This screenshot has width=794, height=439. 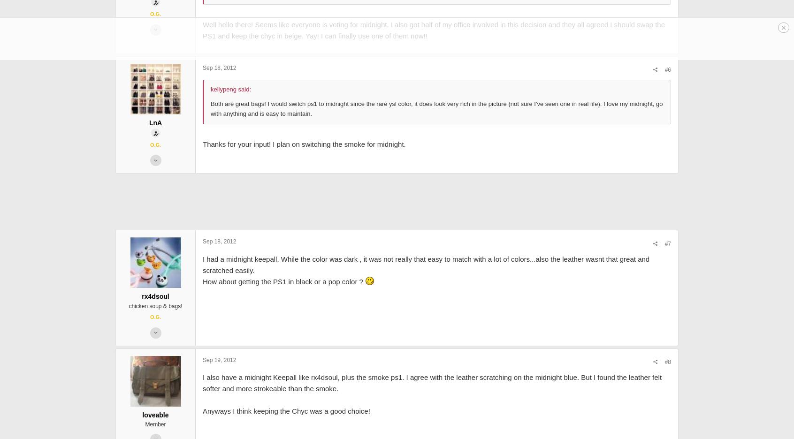 I want to click on '#7', so click(x=516, y=310).